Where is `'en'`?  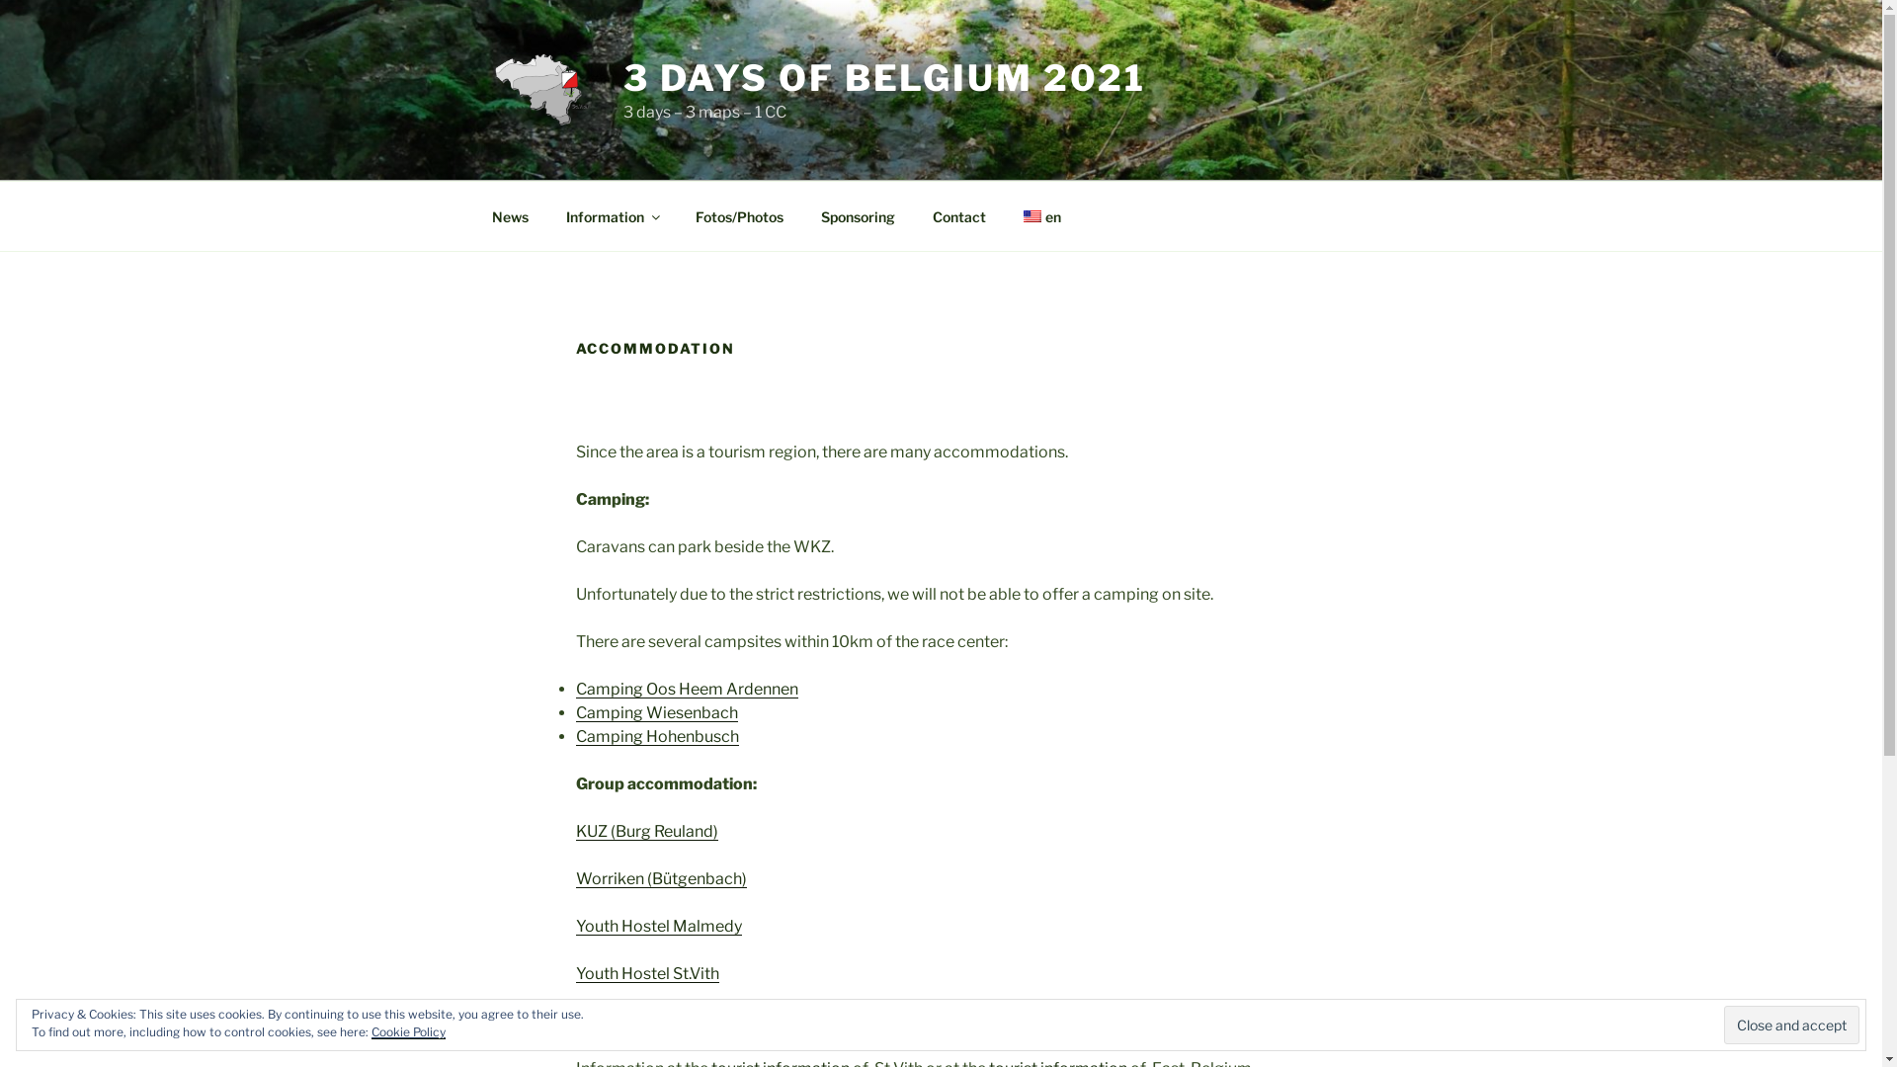 'en' is located at coordinates (1040, 215).